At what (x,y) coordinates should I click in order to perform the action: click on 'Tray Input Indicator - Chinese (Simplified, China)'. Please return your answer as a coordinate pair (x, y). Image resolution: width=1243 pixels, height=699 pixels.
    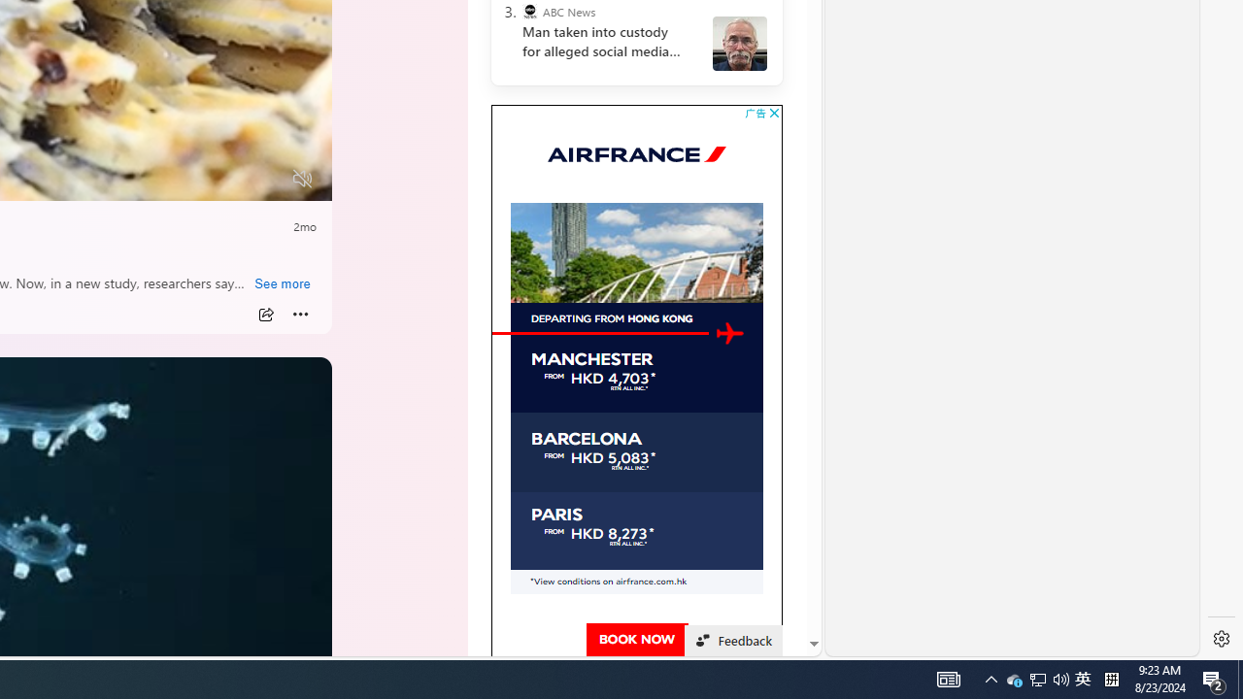
    Looking at the image, I should click on (1111, 678).